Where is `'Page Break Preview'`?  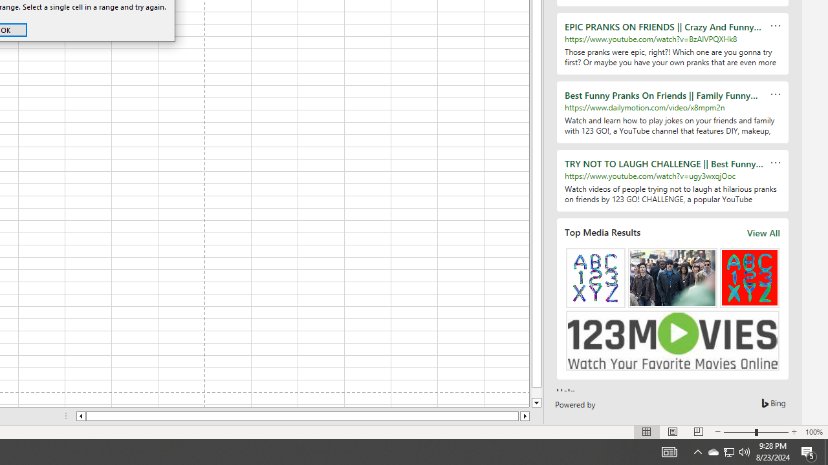 'Page Break Preview' is located at coordinates (697, 432).